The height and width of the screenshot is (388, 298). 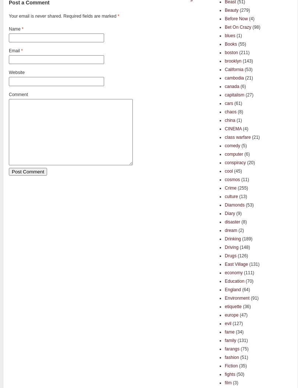 What do you see at coordinates (239, 373) in the screenshot?
I see `'(50)'` at bounding box center [239, 373].